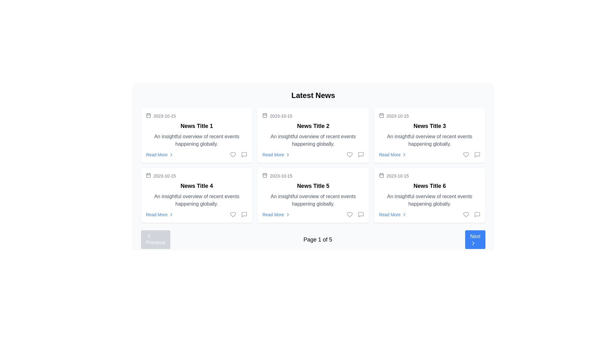  I want to click on the text content element that provides a summary of the news article titled 'News Title 2', so click(313, 140).